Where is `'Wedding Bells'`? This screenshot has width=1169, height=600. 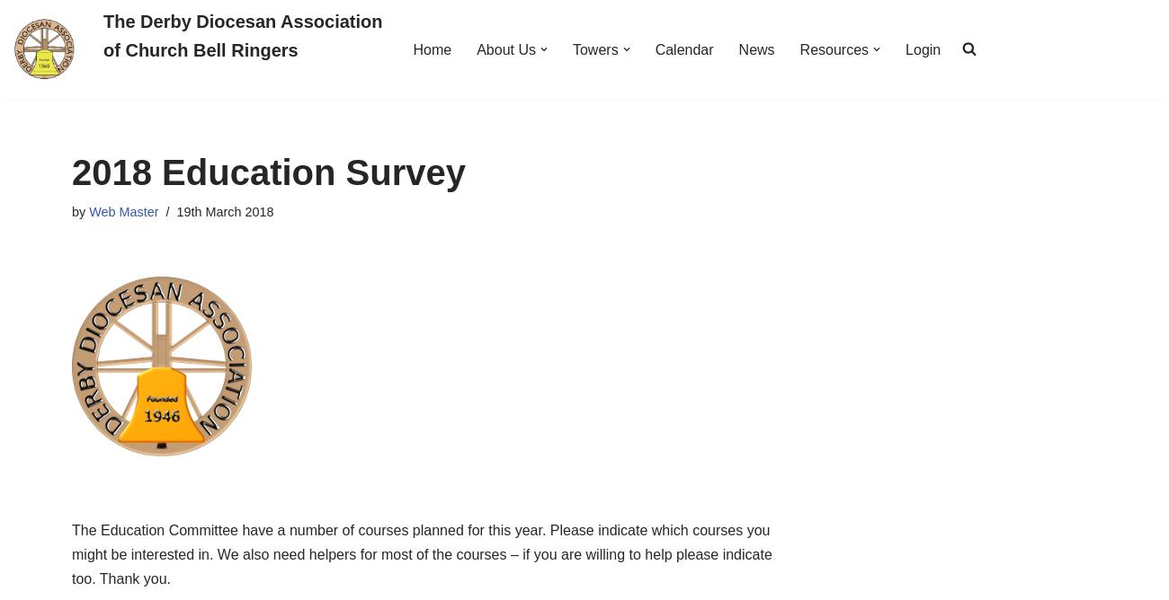
'Wedding Bells' is located at coordinates (716, 490).